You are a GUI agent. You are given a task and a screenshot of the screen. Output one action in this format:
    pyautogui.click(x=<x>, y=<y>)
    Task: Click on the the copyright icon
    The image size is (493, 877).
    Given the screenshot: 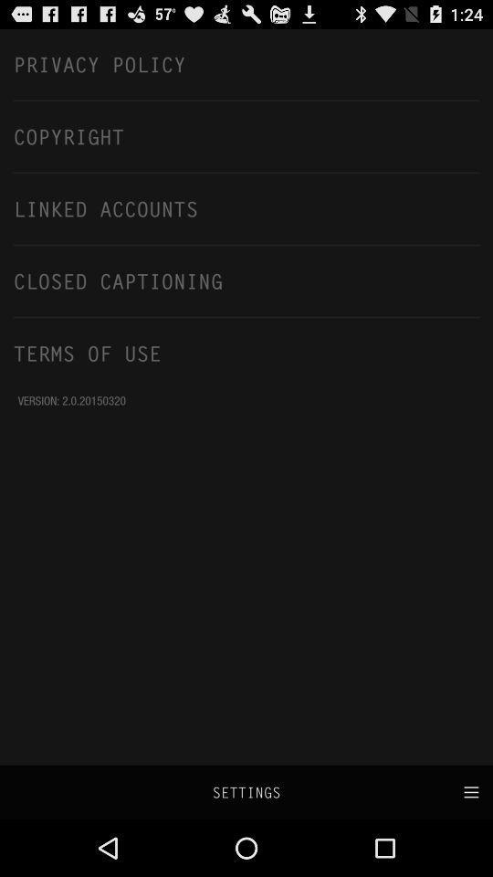 What is the action you would take?
    pyautogui.click(x=246, y=135)
    